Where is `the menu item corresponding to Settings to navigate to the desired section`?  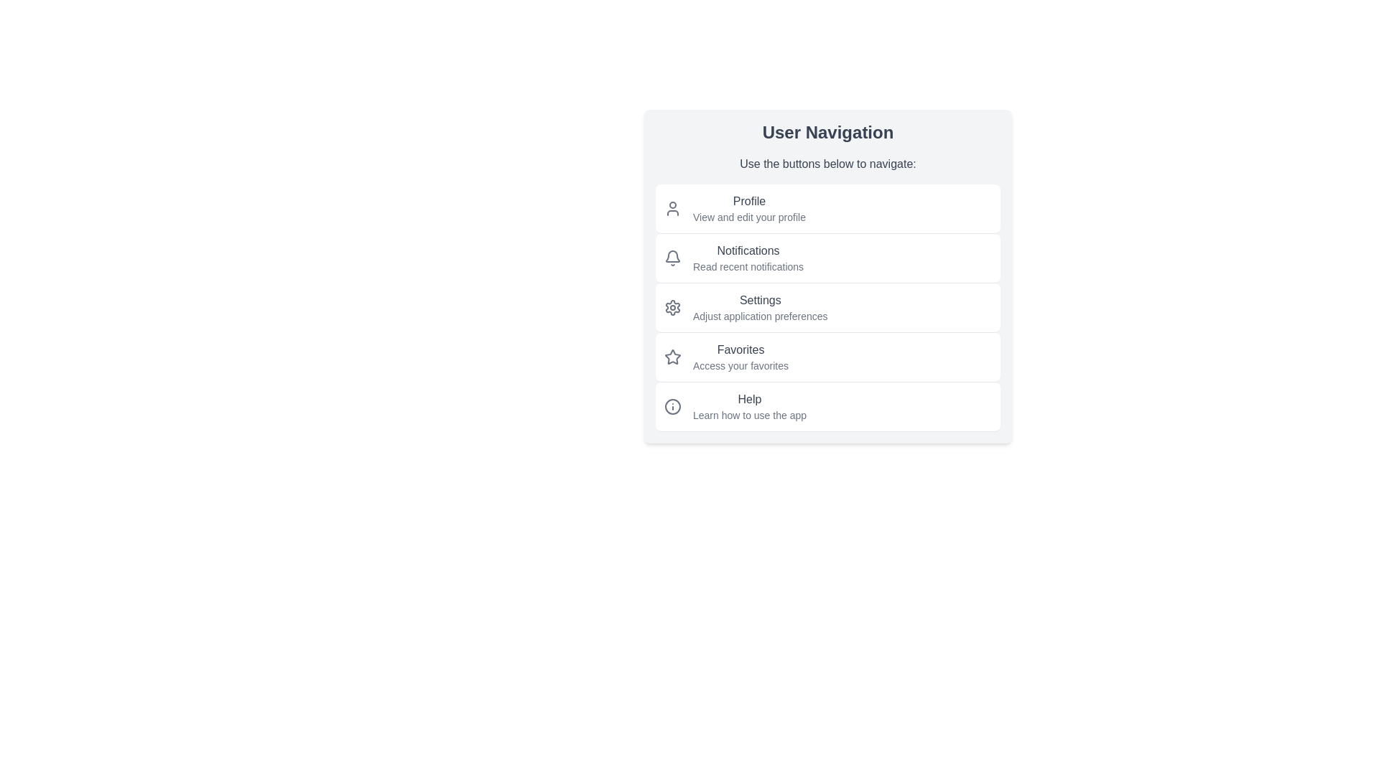 the menu item corresponding to Settings to navigate to the desired section is located at coordinates (827, 306).